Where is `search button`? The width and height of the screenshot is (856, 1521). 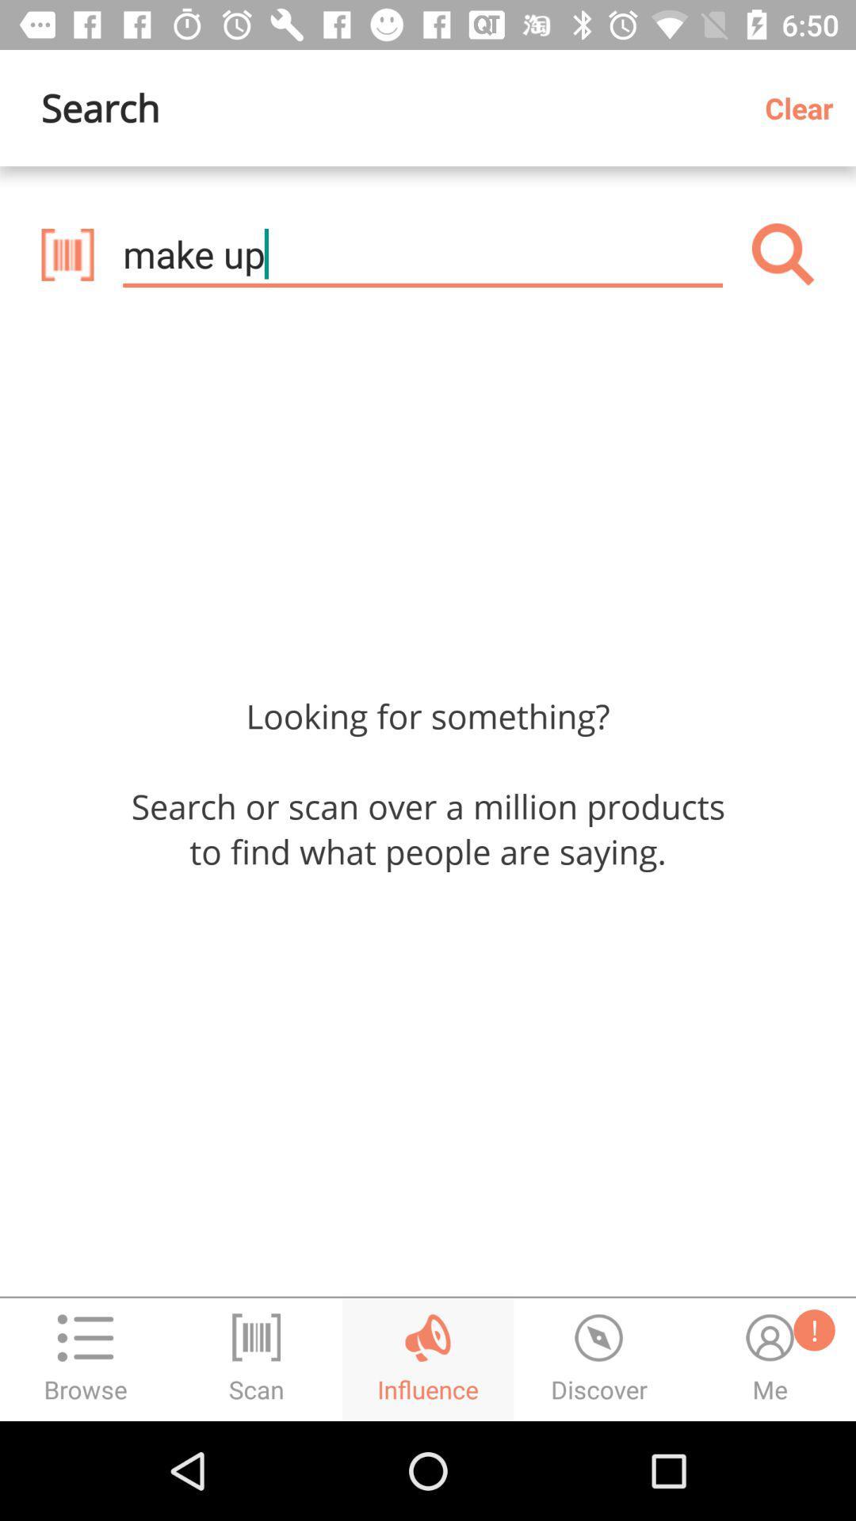
search button is located at coordinates (782, 254).